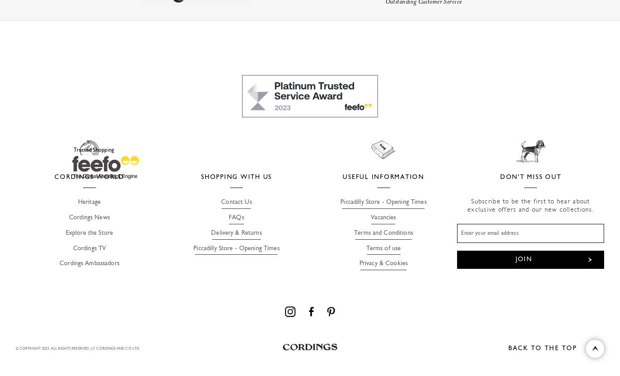 Image resolution: width=620 pixels, height=376 pixels. Describe the element at coordinates (236, 176) in the screenshot. I see `'Shopping with us'` at that location.